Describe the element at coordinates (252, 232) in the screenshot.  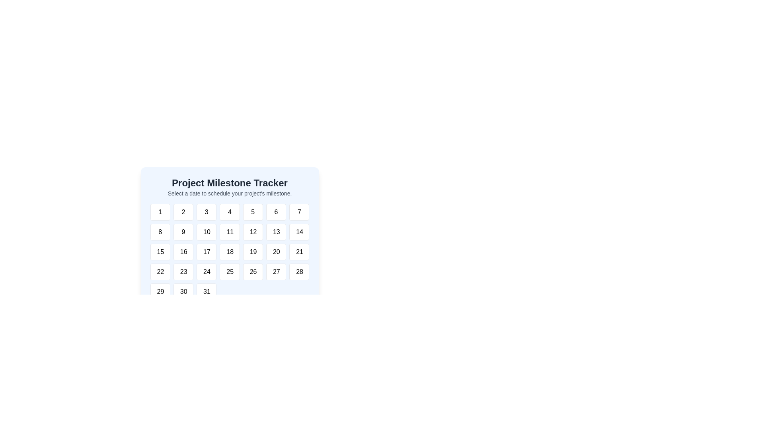
I see `the rectangular button displaying the number '12' to trigger the hover effect, which changes the background to blue and the text color to blue` at that location.